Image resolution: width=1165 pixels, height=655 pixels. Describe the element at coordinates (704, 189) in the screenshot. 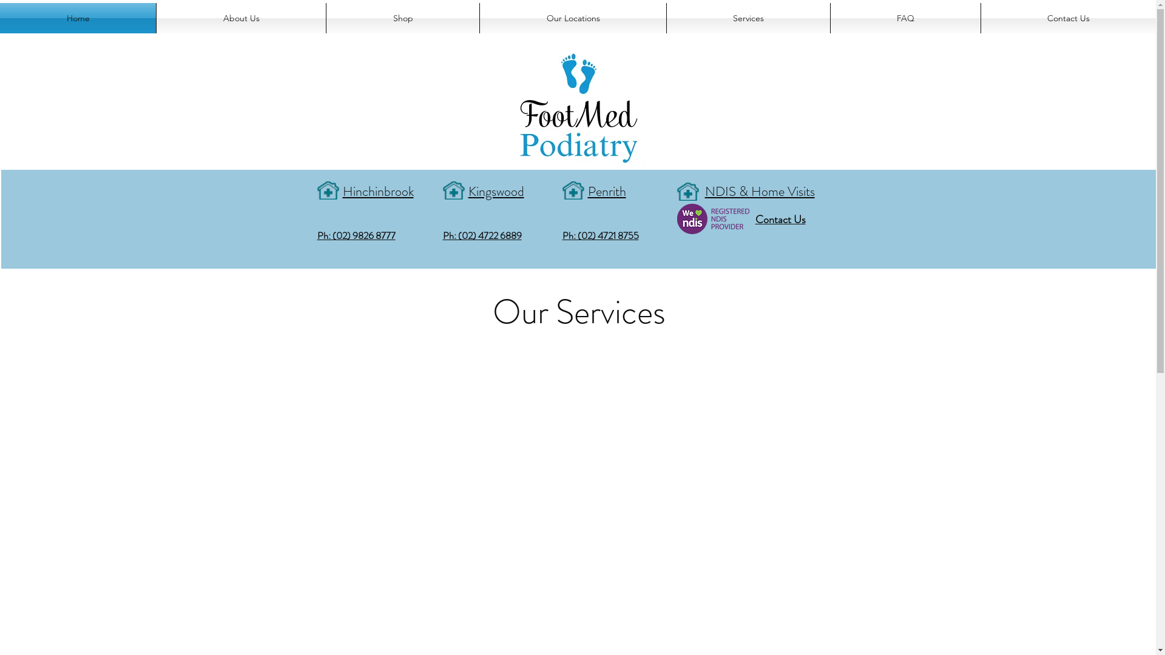

I see `'NDIS & Home Visits'` at that location.